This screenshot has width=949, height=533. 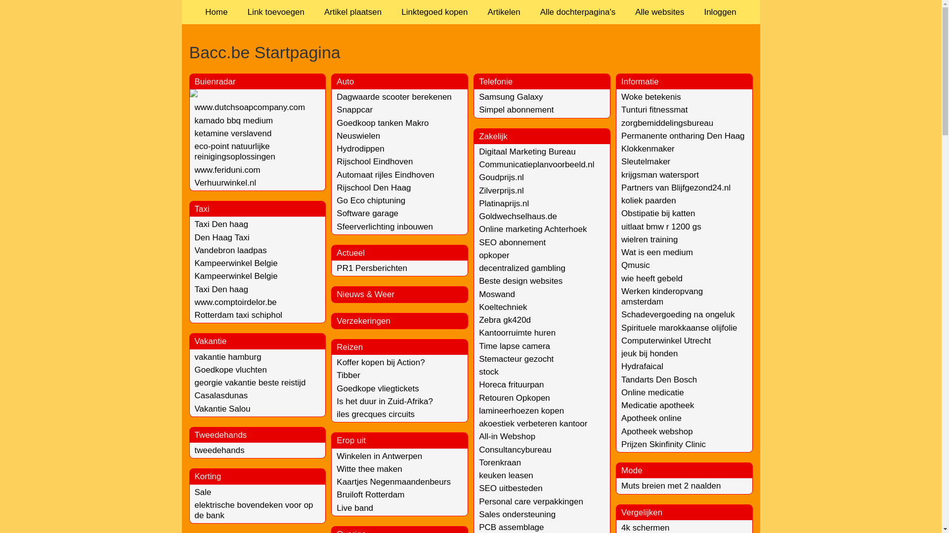 What do you see at coordinates (370, 200) in the screenshot?
I see `'Go Eco chiptuning'` at bounding box center [370, 200].